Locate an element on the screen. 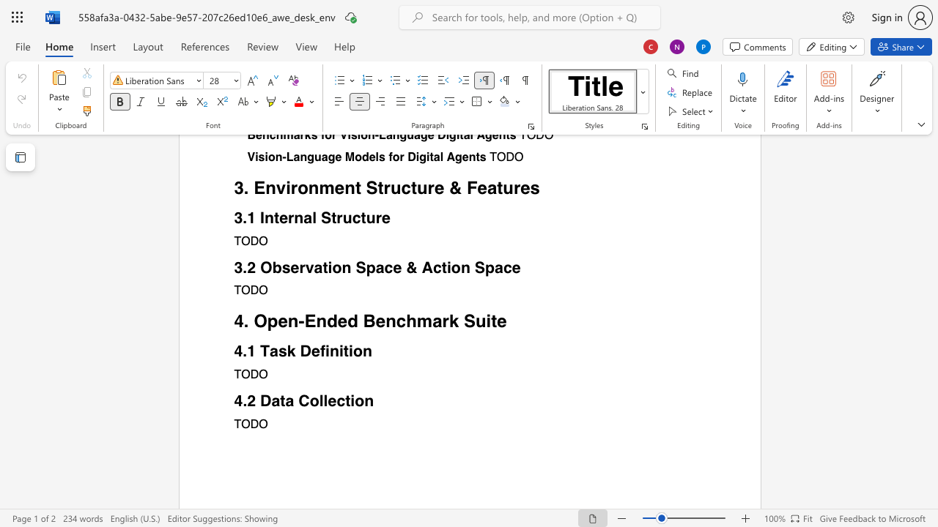 The image size is (938, 527). the subset text "ed Benchmark Su" within the text "4. Open-Ended Benchmark Suite" is located at coordinates (336, 321).